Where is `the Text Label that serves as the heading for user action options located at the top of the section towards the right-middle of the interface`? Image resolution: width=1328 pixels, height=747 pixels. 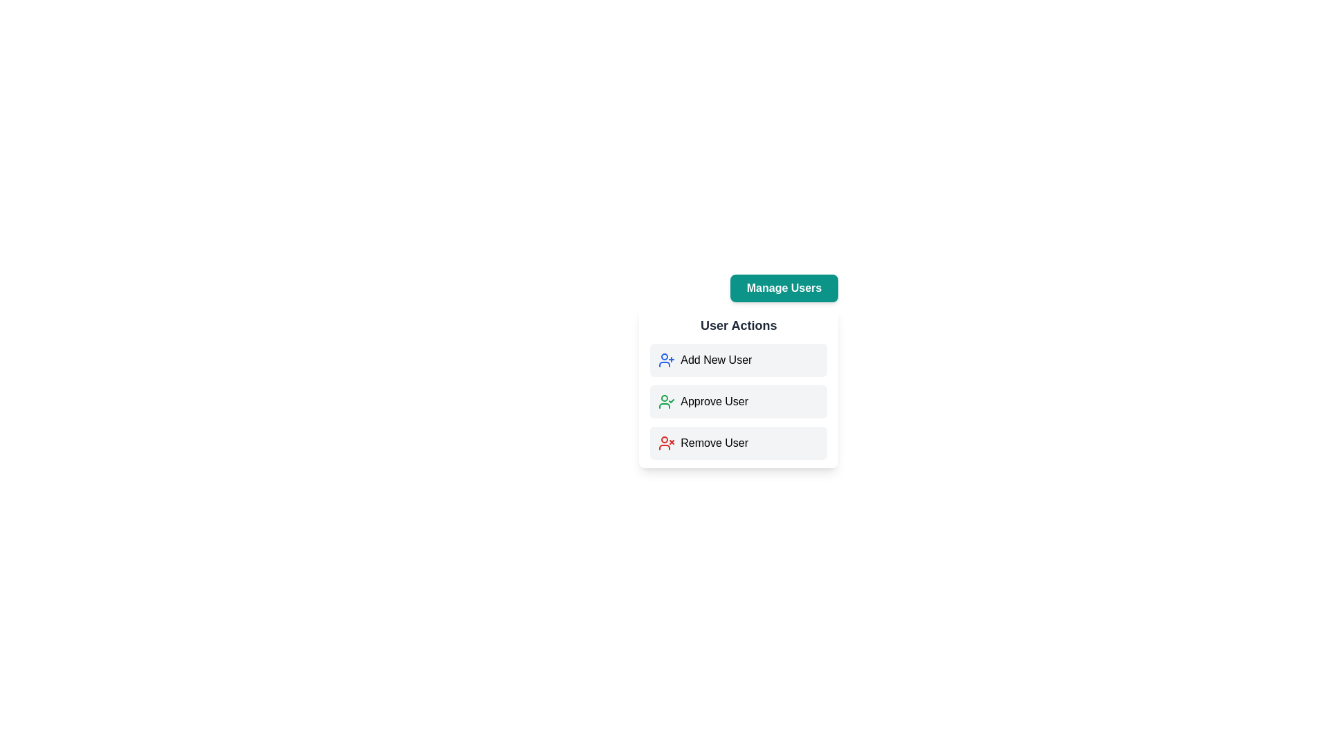
the Text Label that serves as the heading for user action options located at the top of the section towards the right-middle of the interface is located at coordinates (738, 325).